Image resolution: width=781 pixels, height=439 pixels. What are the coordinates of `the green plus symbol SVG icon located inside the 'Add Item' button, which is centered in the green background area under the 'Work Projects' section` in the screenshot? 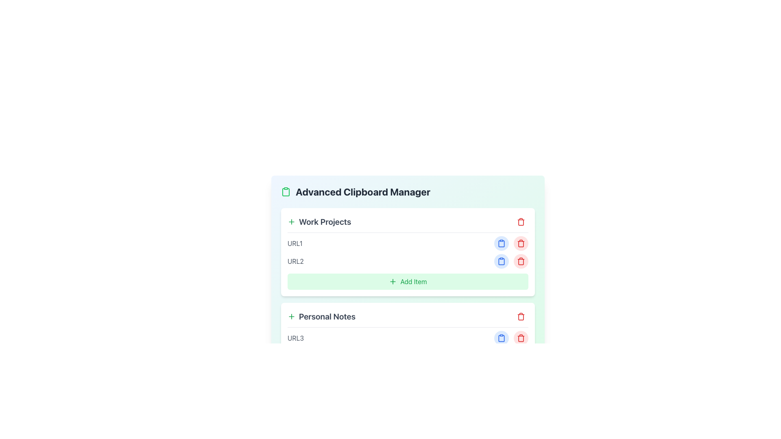 It's located at (393, 281).